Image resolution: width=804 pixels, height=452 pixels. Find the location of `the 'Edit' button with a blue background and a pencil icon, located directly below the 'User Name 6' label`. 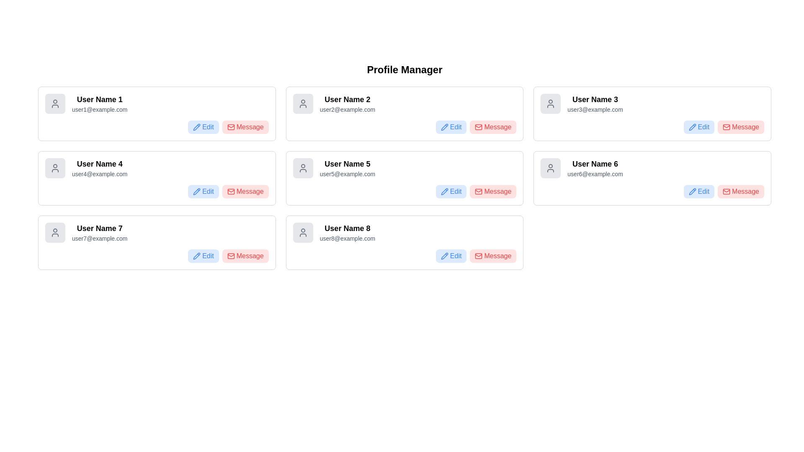

the 'Edit' button with a blue background and a pencil icon, located directly below the 'User Name 6' label is located at coordinates (699, 192).